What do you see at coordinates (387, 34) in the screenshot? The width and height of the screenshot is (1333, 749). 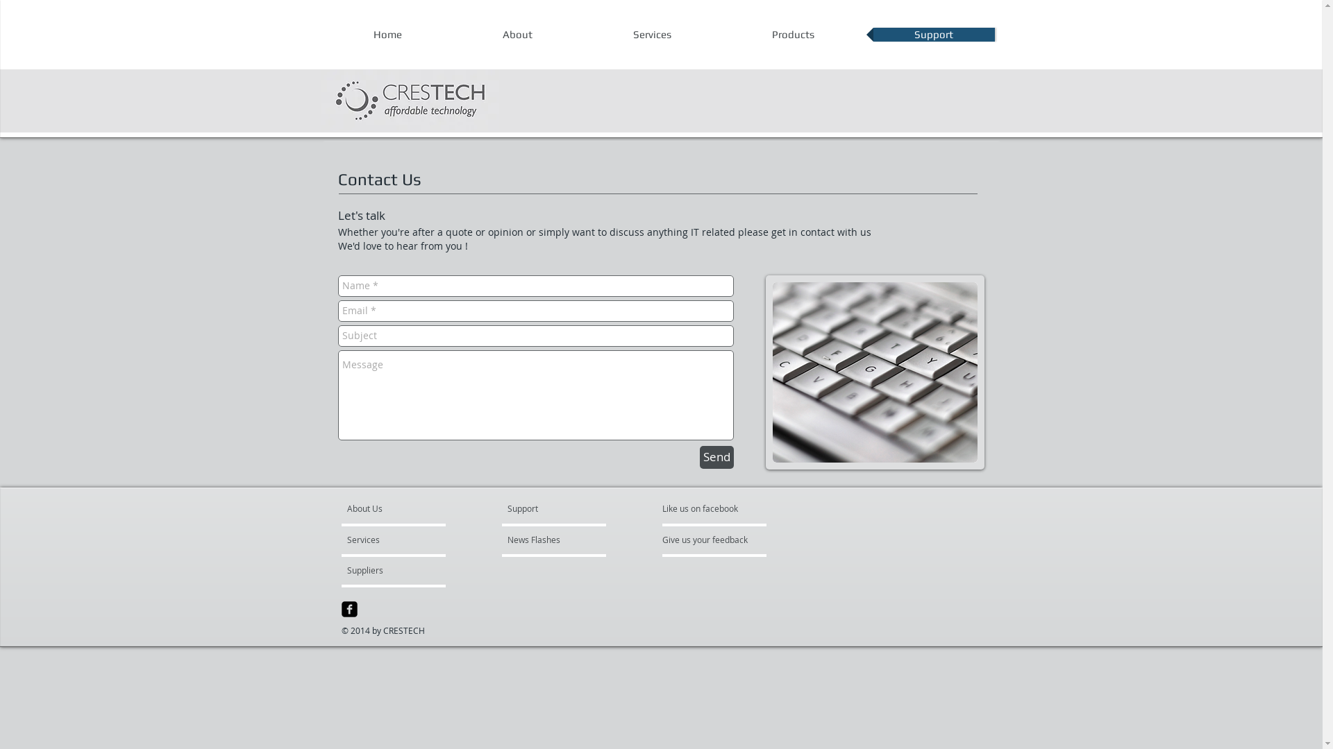 I see `'Home'` at bounding box center [387, 34].